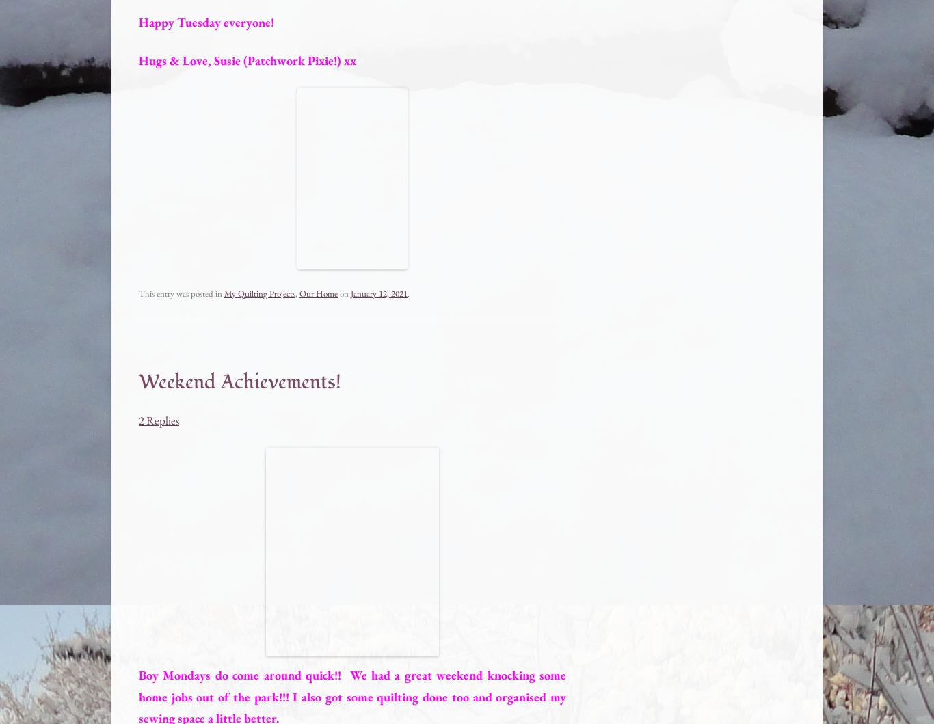 The width and height of the screenshot is (934, 724). I want to click on 'Hugs & Love, Susie (Patchwork Pixie!) xx', so click(246, 59).